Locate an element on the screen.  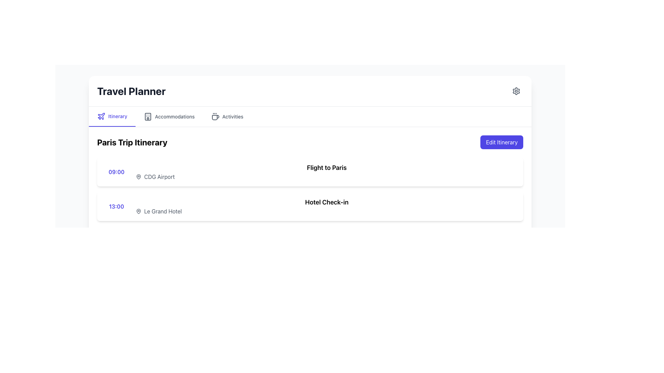
the coffee cup icon, which is located within the 'Activities' tab, to the left of the text 'Activities' is located at coordinates (215, 116).